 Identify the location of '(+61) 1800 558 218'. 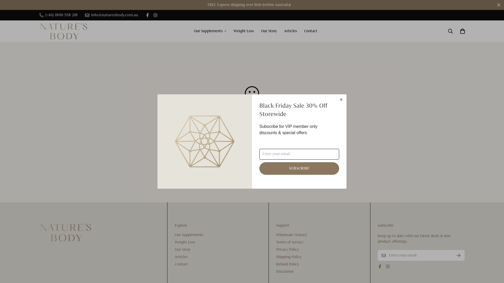
(35, 15).